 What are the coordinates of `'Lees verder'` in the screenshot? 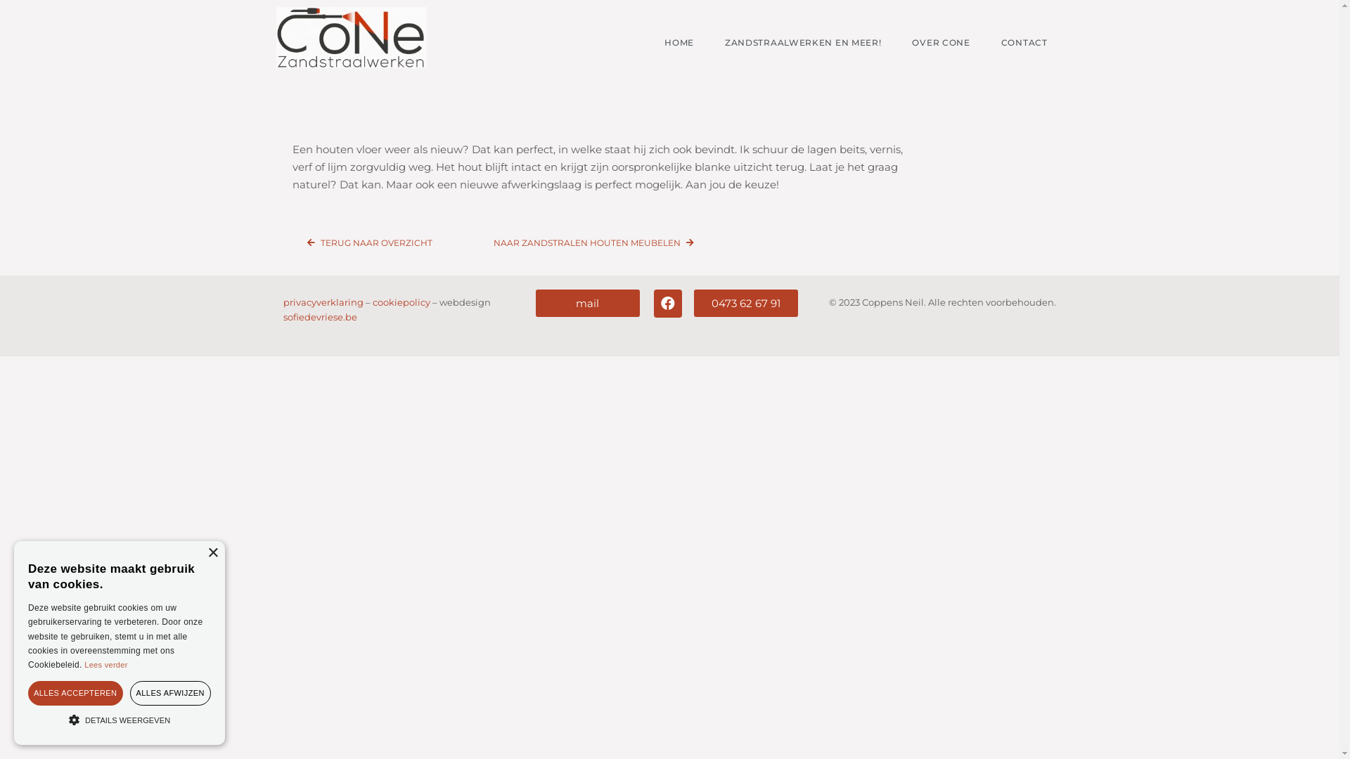 It's located at (105, 664).